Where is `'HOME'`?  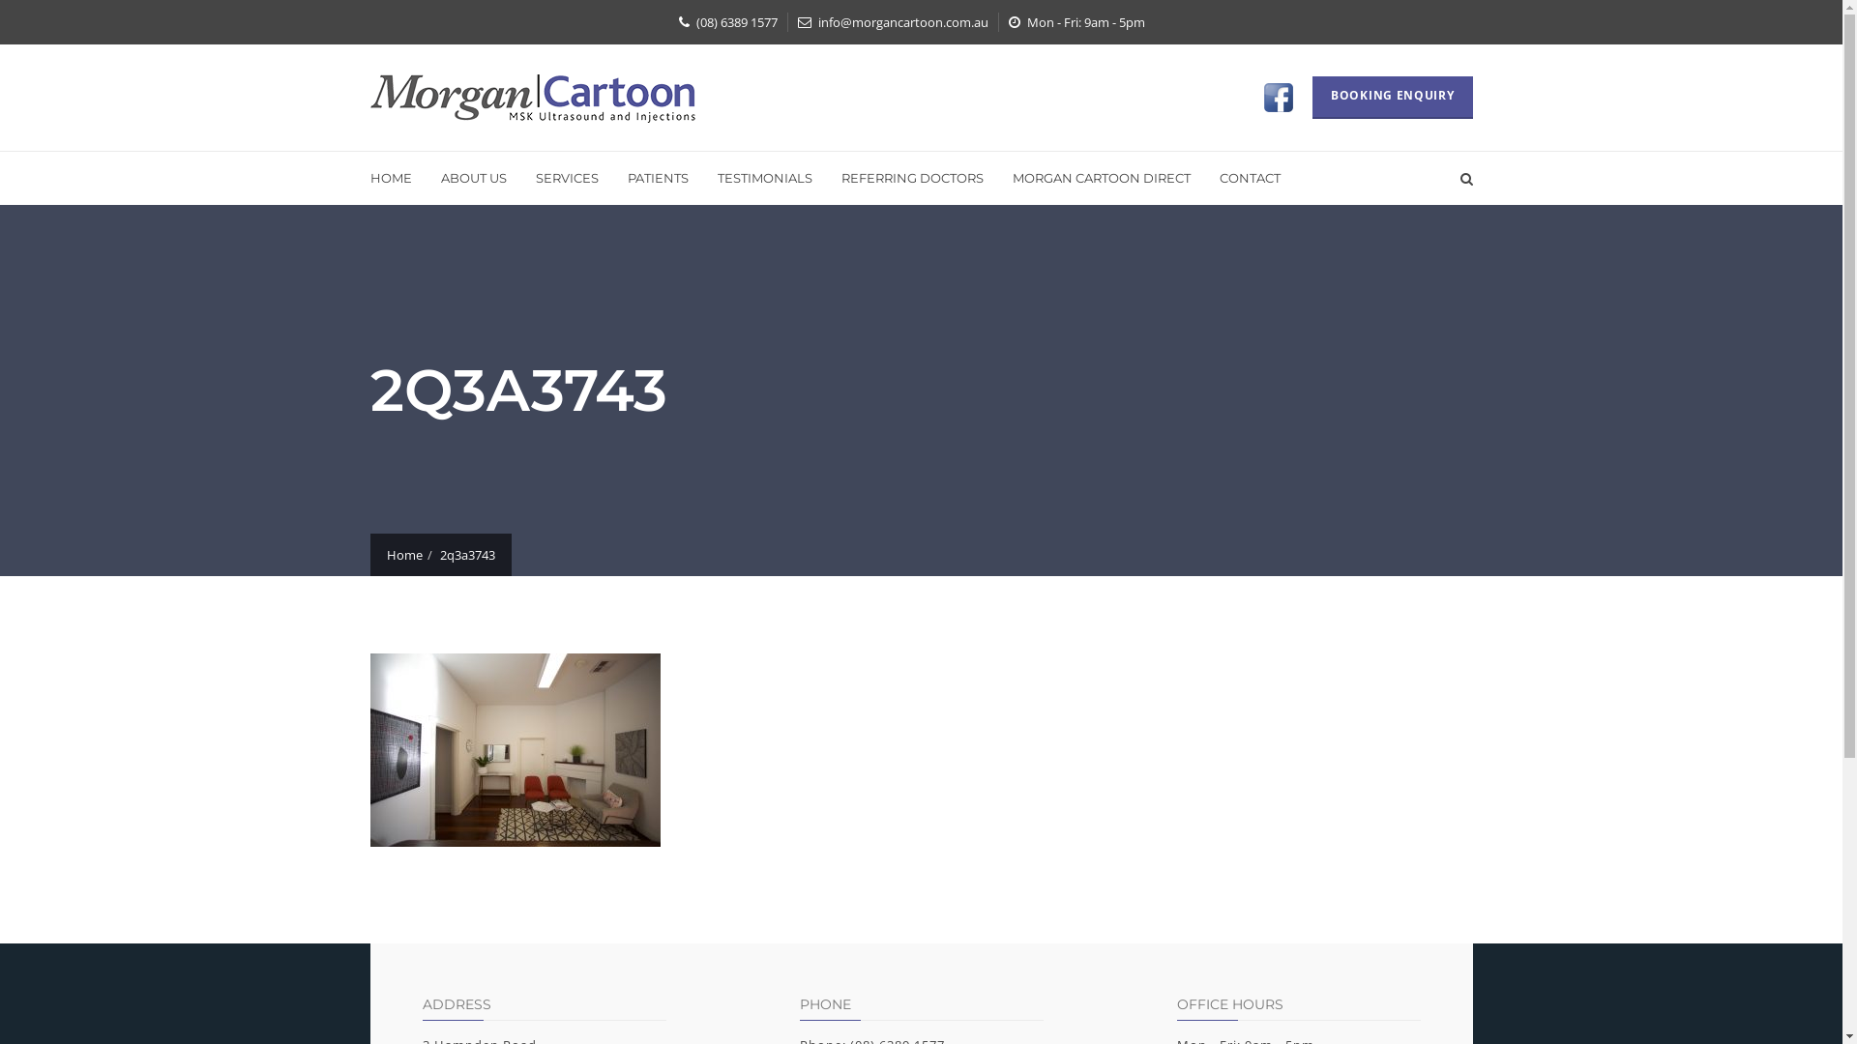 'HOME' is located at coordinates (397, 178).